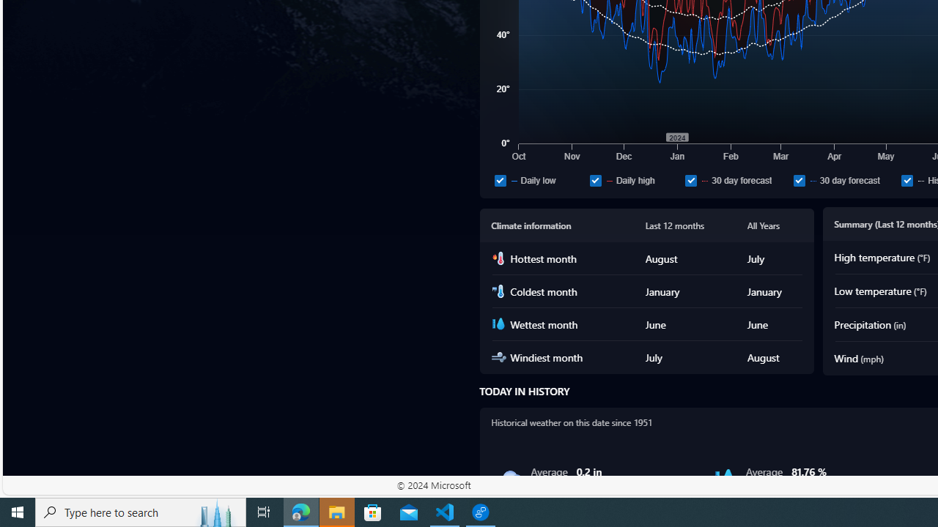 This screenshot has height=527, width=938. What do you see at coordinates (906, 179) in the screenshot?
I see `'Historical daily temperature'` at bounding box center [906, 179].